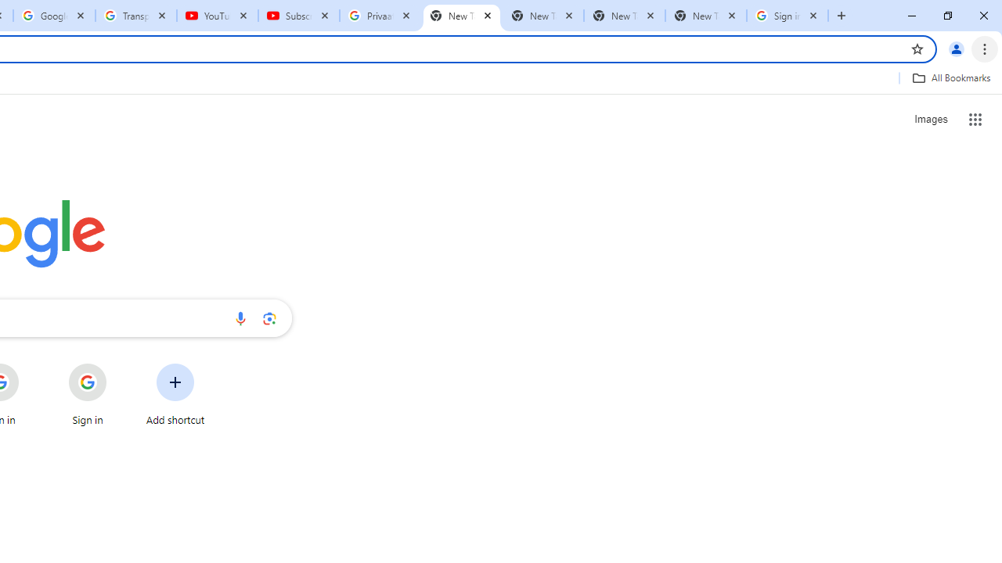 This screenshot has width=1002, height=563. What do you see at coordinates (217, 16) in the screenshot?
I see `'YouTube'` at bounding box center [217, 16].